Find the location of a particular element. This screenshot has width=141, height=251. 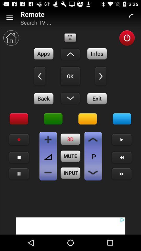

move cursor to the left is located at coordinates (39, 76).